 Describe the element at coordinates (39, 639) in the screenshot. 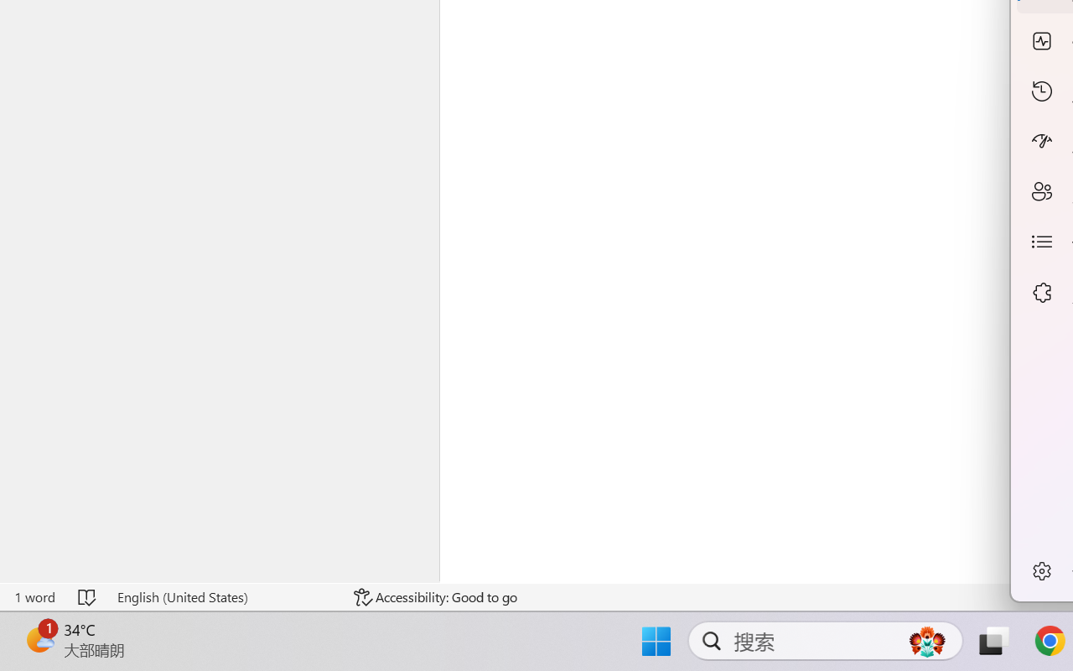

I see `'AutomationID: BadgeAnchorLargeTicker'` at that location.